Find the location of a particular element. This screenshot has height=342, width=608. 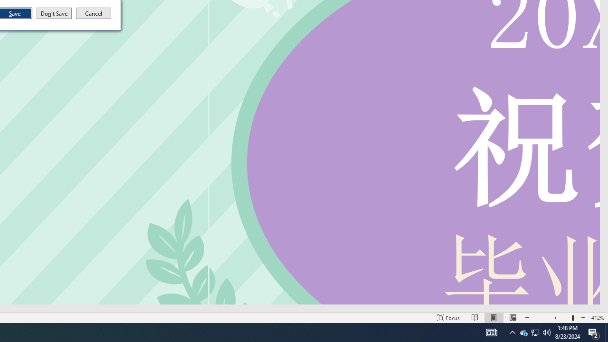

'Notification Chevron' is located at coordinates (512, 332).